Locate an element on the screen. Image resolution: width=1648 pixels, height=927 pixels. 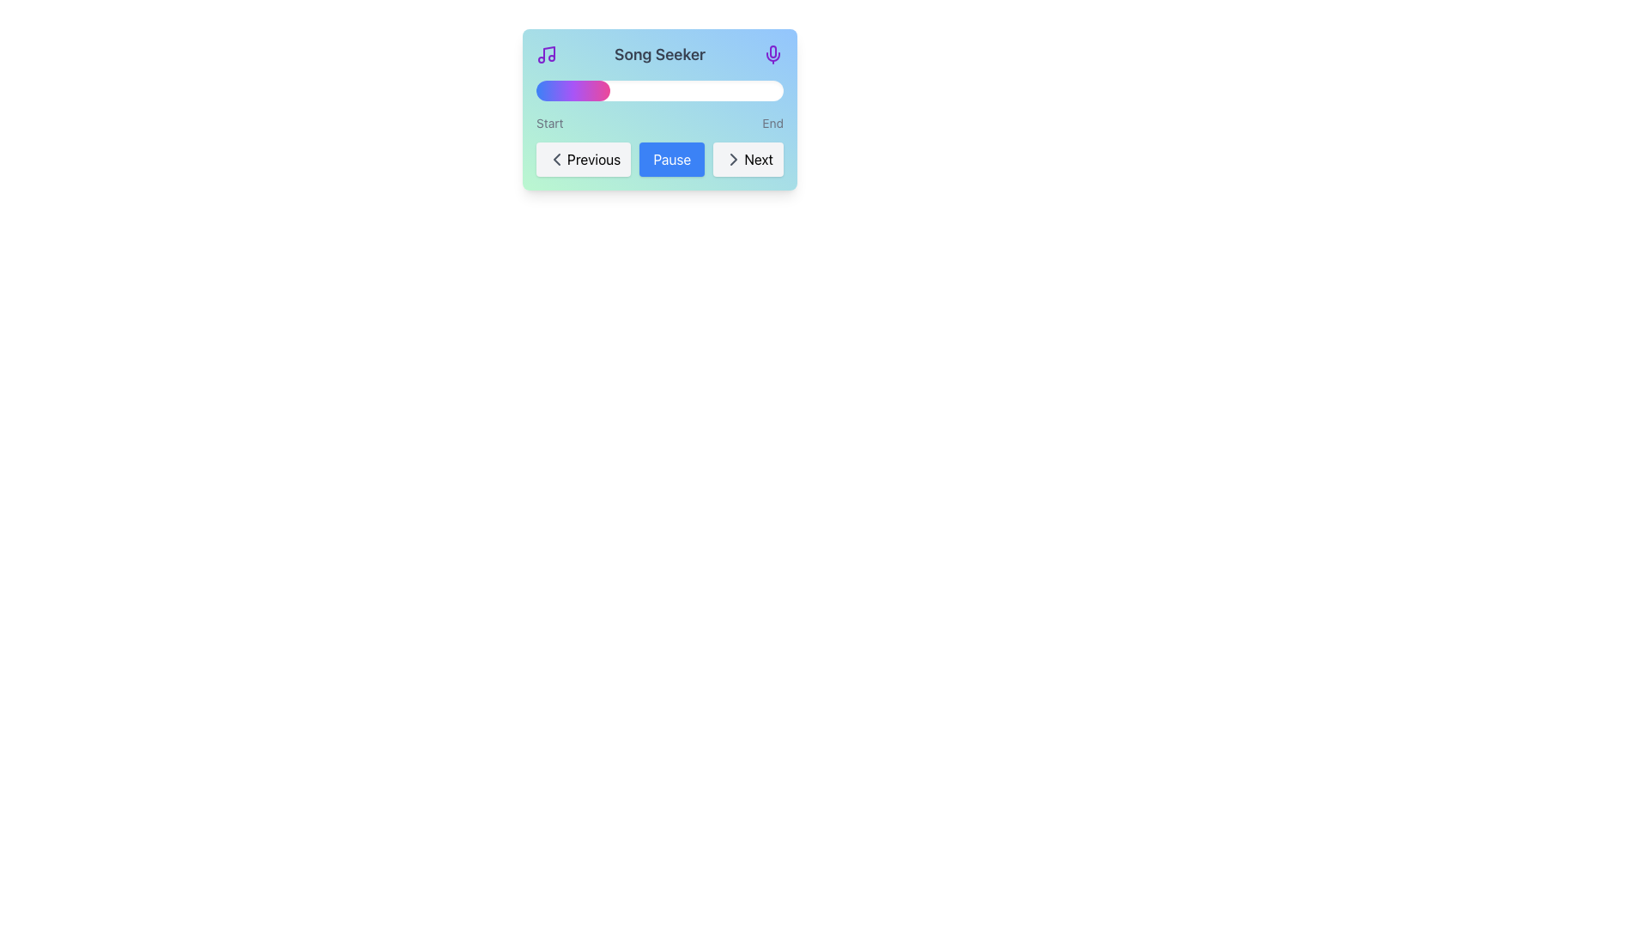
the chevron icon representing forward navigation on the 'Next' button to observe the hover effects is located at coordinates (734, 159).